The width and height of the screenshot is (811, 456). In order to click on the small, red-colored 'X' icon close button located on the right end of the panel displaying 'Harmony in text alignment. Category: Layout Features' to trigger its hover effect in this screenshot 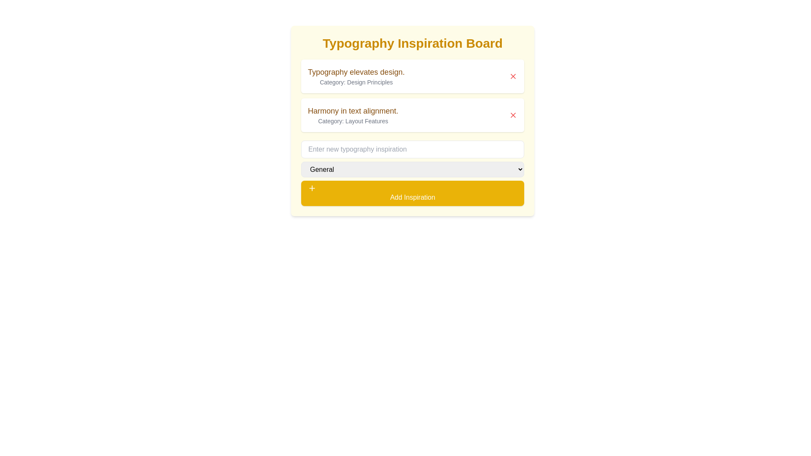, I will do `click(512, 115)`.